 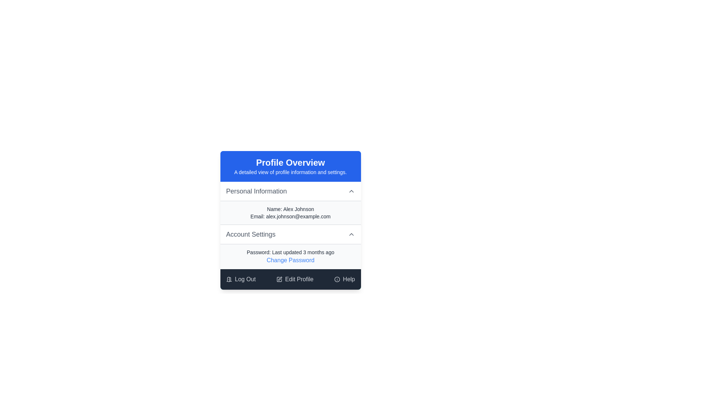 I want to click on text content of the Text Label displaying 'Name: Alex Johnson' and 'Email: alex.johnson@example.com' located under the 'Personal Information' section in the 'Profile Overview' interface, so click(x=290, y=212).